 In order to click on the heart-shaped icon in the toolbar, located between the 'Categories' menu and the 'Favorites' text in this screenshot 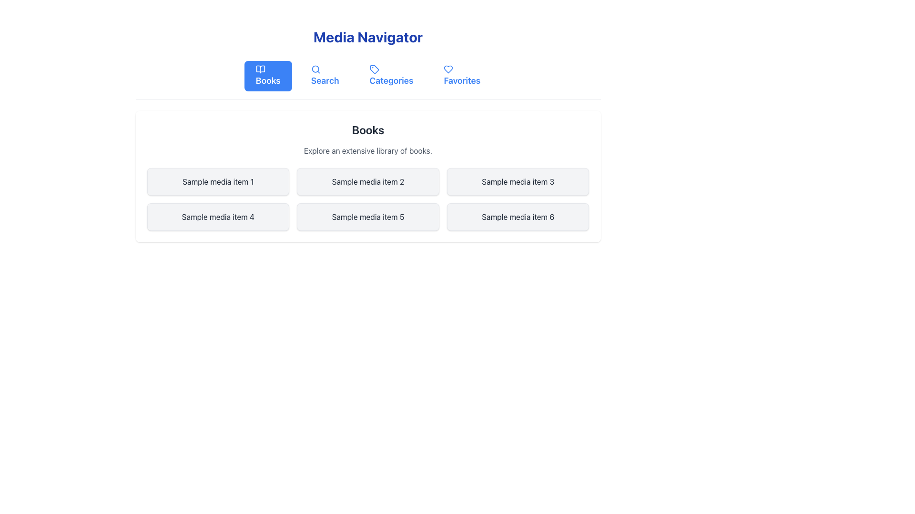, I will do `click(448, 69)`.